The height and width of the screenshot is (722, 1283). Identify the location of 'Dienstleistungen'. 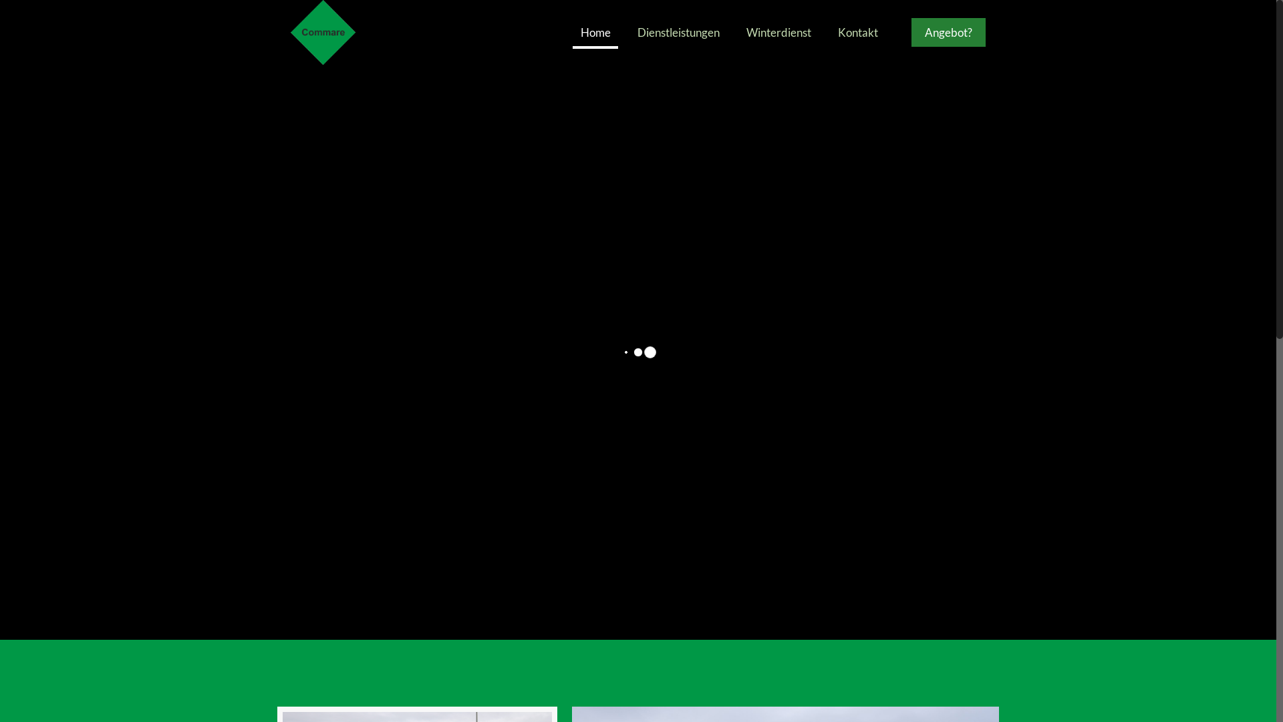
(678, 31).